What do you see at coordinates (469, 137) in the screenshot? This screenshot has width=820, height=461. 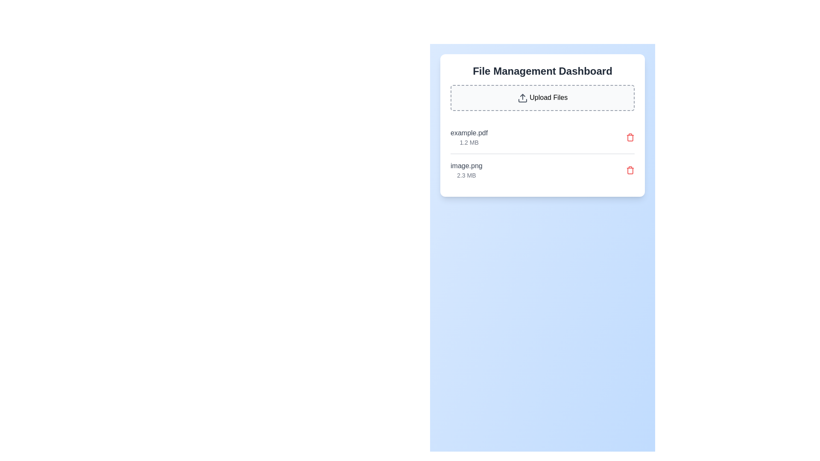 I see `the text display component that shows the file name and size, located under the 'File Management Dashboard' header` at bounding box center [469, 137].